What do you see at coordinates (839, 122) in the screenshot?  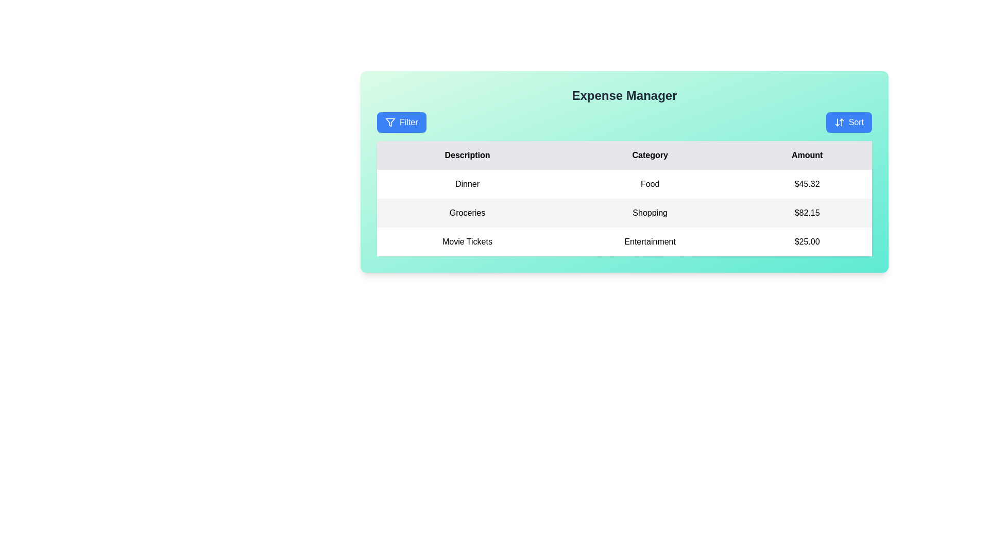 I see `the sort icon located within the 'Sort' button on the top-right corner of the 'Expense Manager' panel` at bounding box center [839, 122].